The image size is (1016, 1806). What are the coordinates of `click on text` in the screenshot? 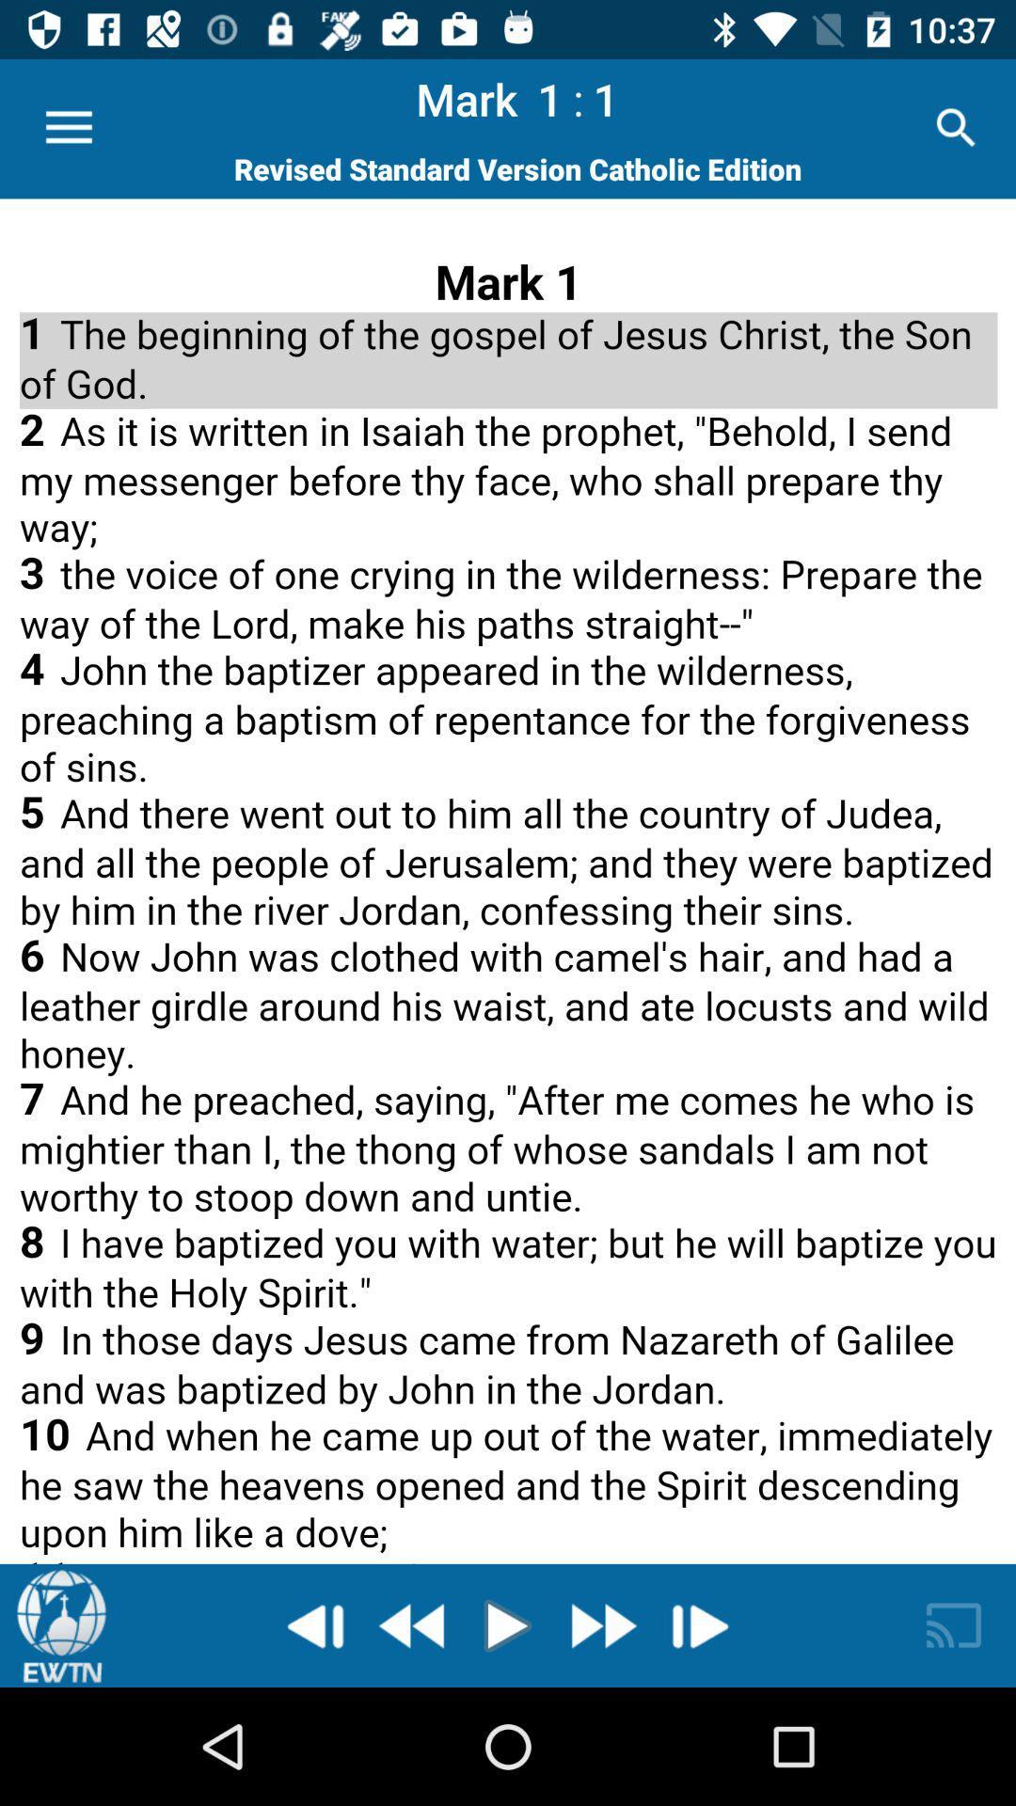 It's located at (508, 880).